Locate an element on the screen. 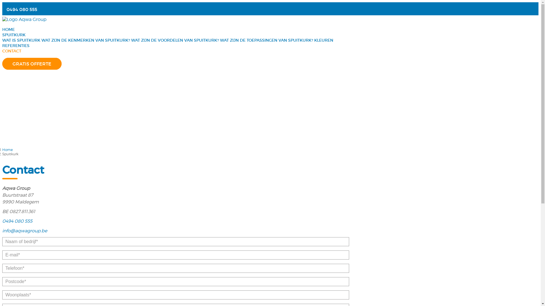 This screenshot has height=306, width=545. 'Tik uw naam of bedrijf in aub.' is located at coordinates (175, 241).